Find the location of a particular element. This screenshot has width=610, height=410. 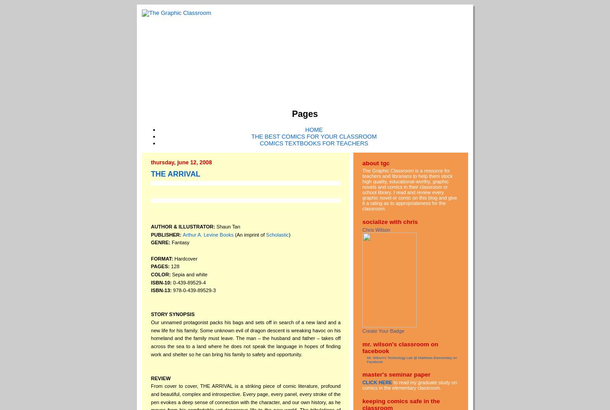

'Sepia and white' is located at coordinates (189, 273).